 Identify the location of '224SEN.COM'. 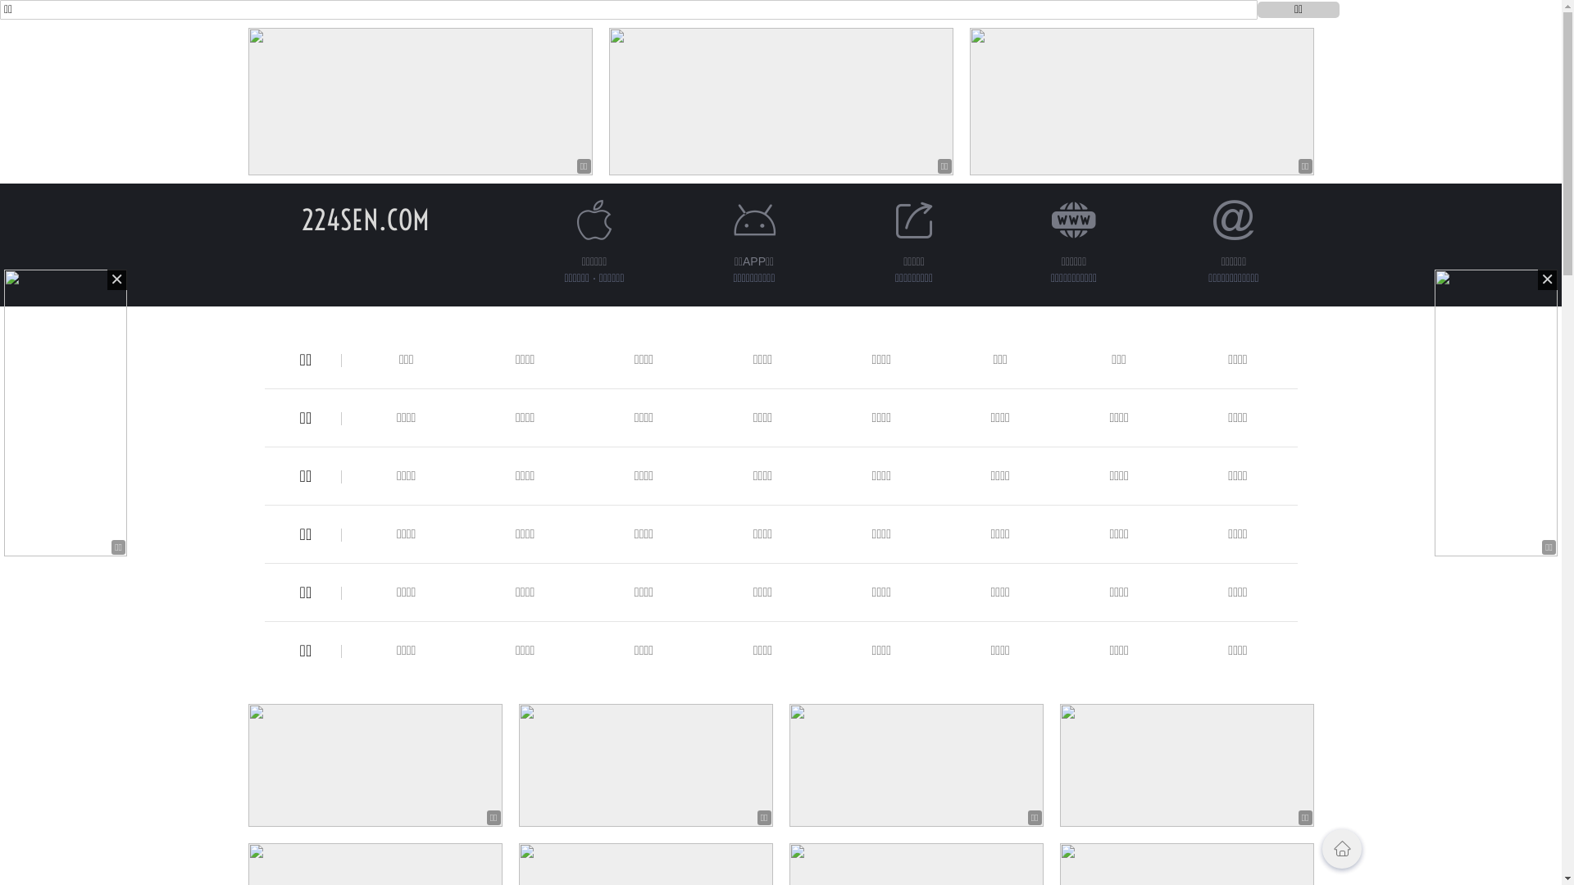
(365, 219).